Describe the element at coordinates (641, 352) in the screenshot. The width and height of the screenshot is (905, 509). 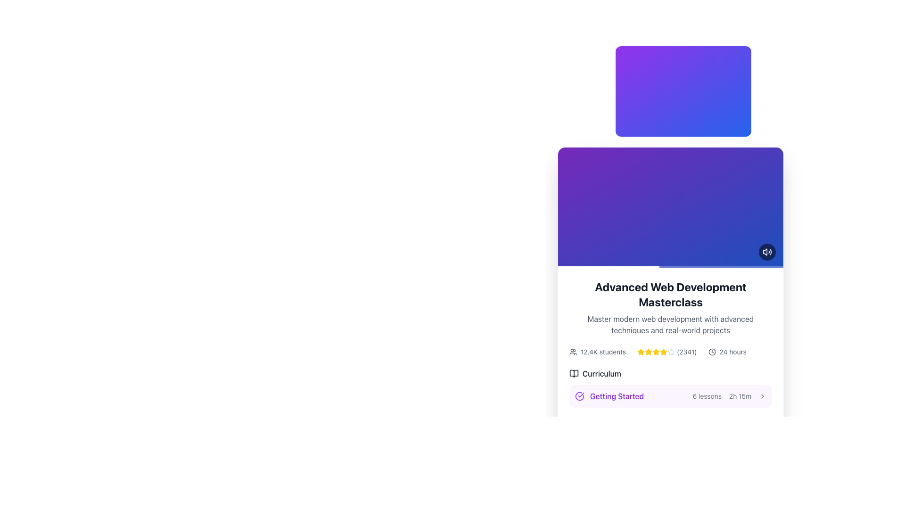
I see `the first star icon in the rating system located beneath the course title 'Advanced Web Development Masterclass.'` at that location.